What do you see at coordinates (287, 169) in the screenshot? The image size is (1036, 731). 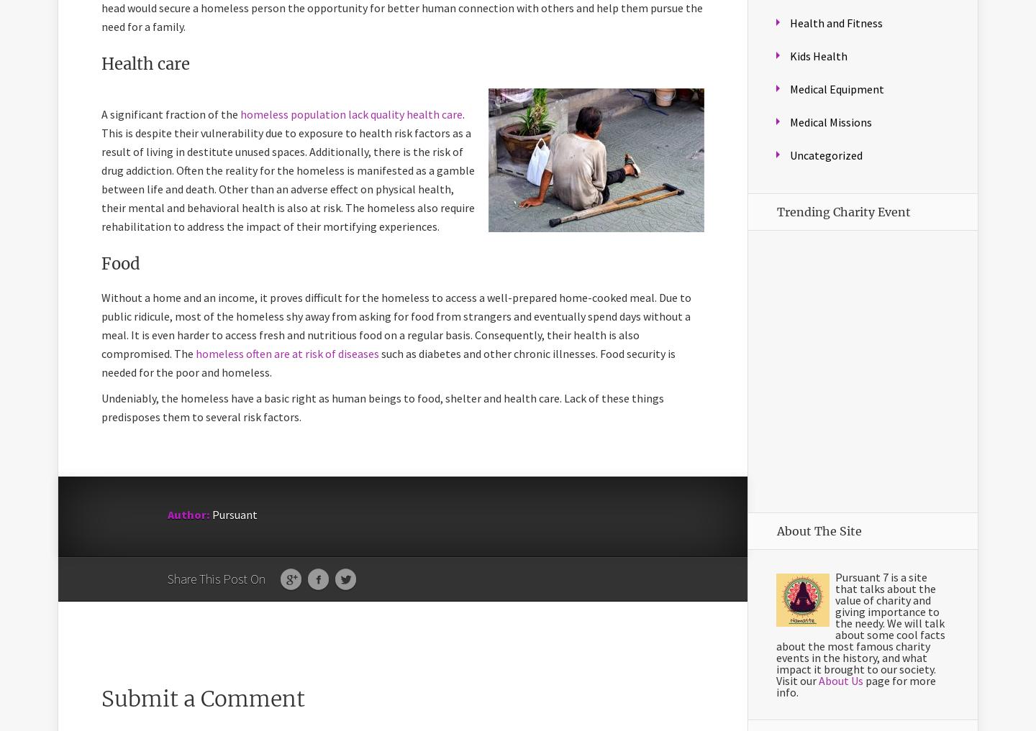 I see `'. This is despite their vulnerability due to exposure to health risk factors as a result of living in destitute unused spaces. Additionally, there is the risk of drug addiction. Often the reality for the homeless is manifested as a gamble between life and death. Other than an adverse effect on physical health, their mental and behavioral health is also at risk. The homeless also require rehabilitation to address the impact of their mortifying experiences.'` at bounding box center [287, 169].